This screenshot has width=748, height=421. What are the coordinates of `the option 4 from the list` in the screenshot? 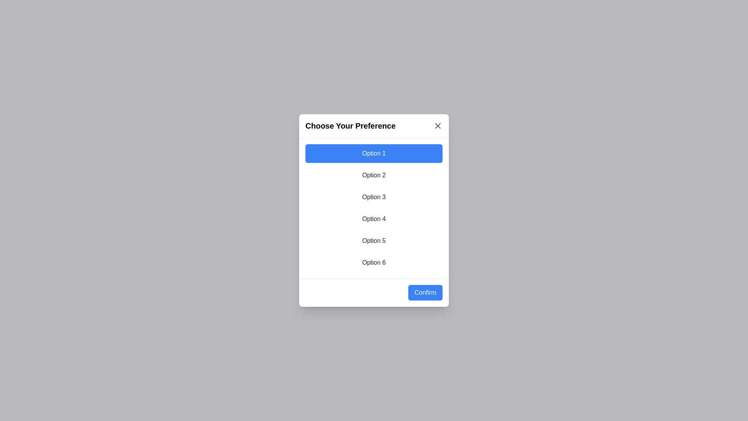 It's located at (374, 219).